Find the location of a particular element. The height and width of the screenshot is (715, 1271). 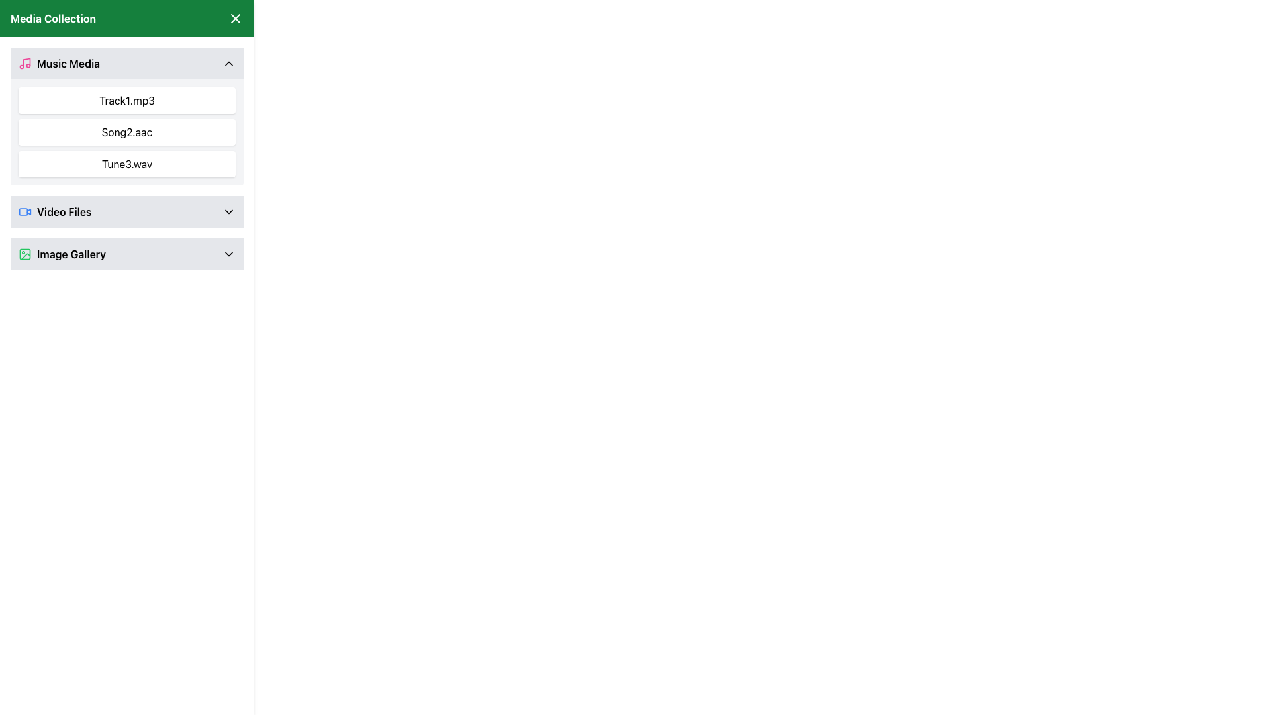

the dropdown activator for the 'Image Gallery' section is located at coordinates (62, 254).